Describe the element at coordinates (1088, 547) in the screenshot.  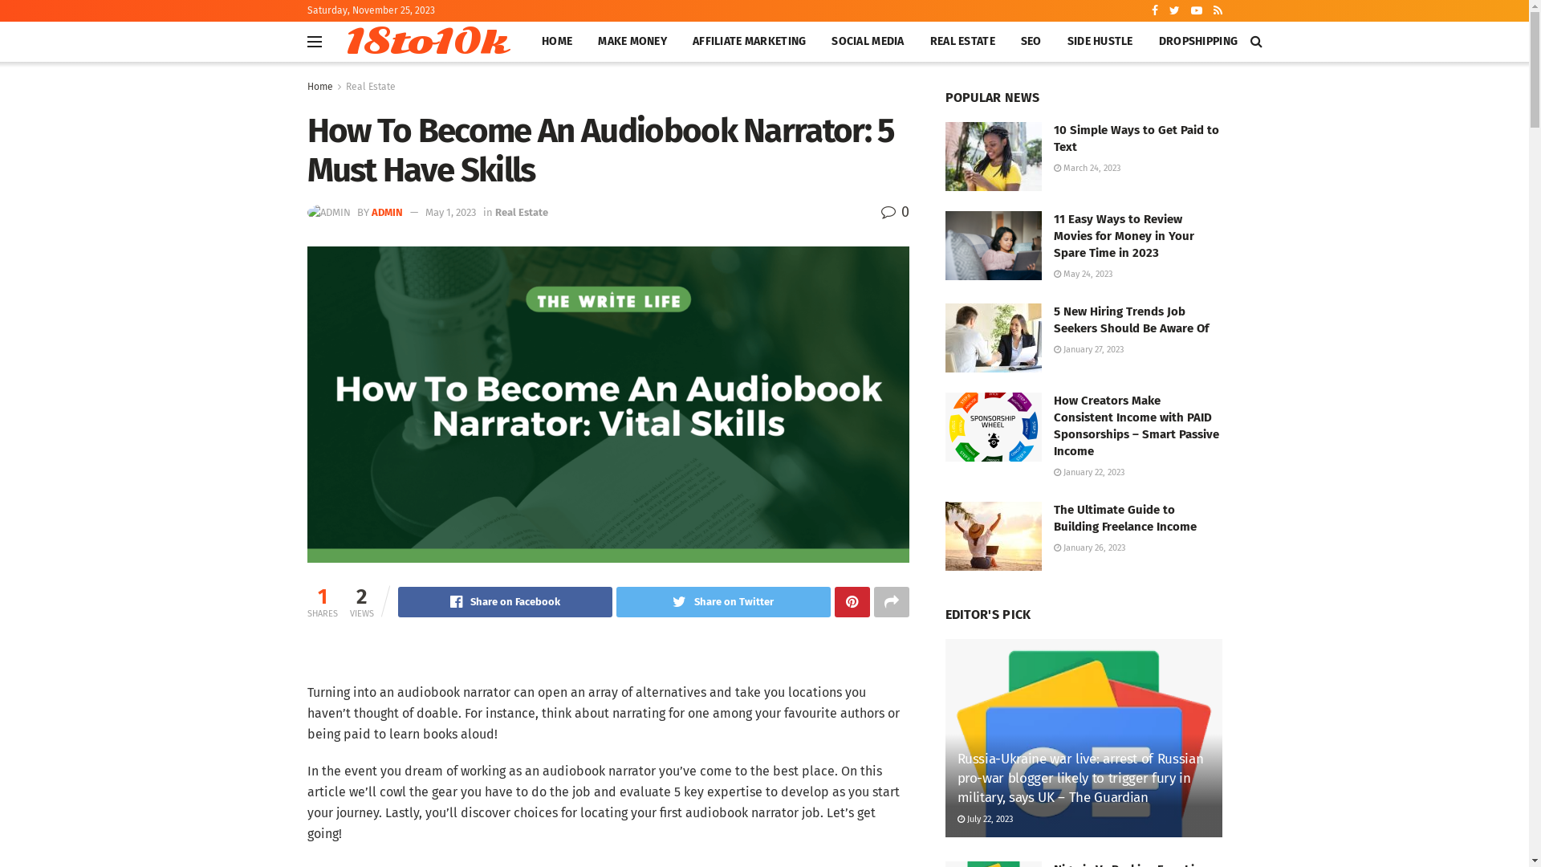
I see `'January 26, 2023'` at that location.